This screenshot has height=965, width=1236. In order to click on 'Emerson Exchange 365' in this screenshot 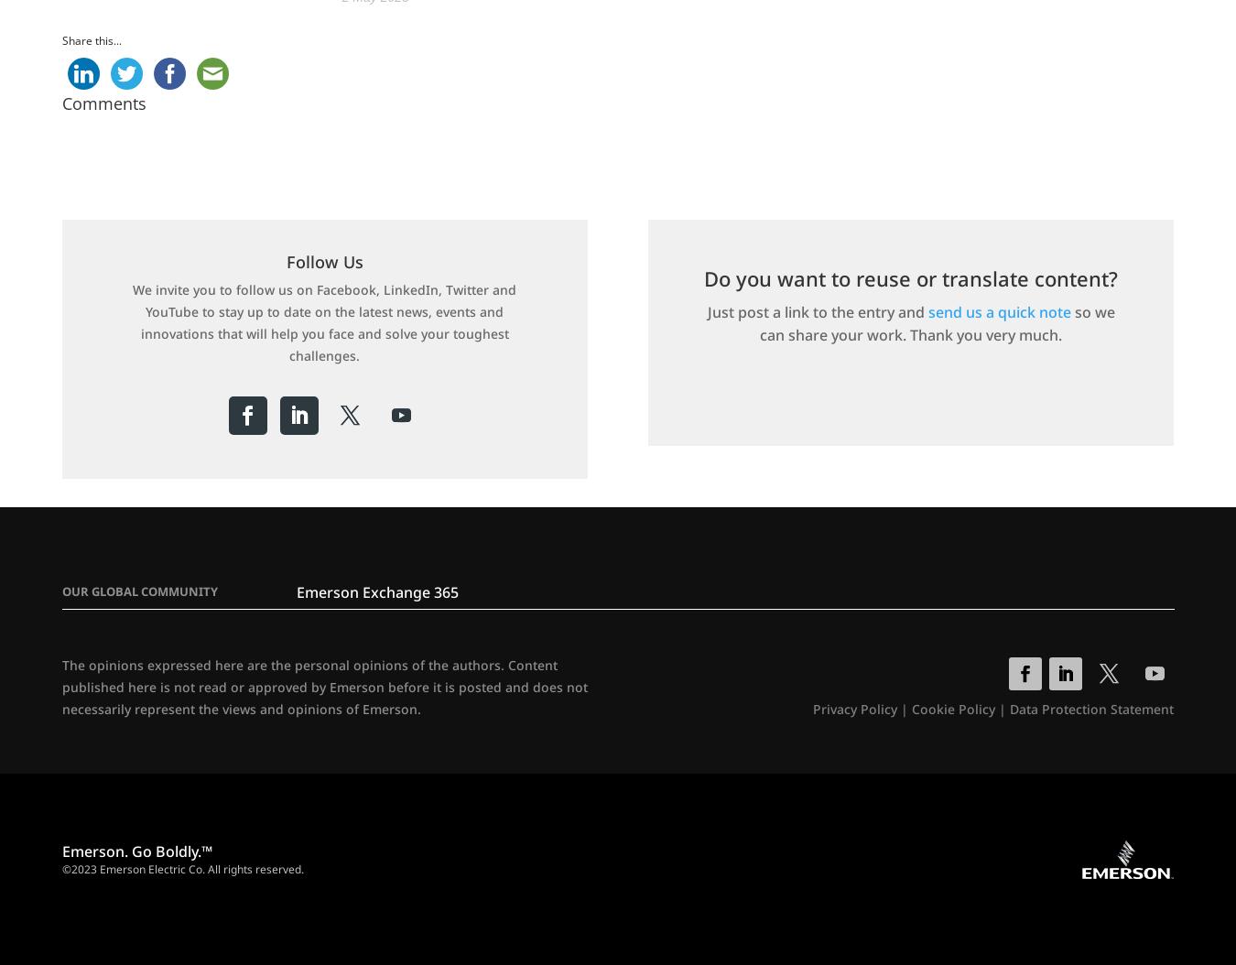, I will do `click(376, 592)`.